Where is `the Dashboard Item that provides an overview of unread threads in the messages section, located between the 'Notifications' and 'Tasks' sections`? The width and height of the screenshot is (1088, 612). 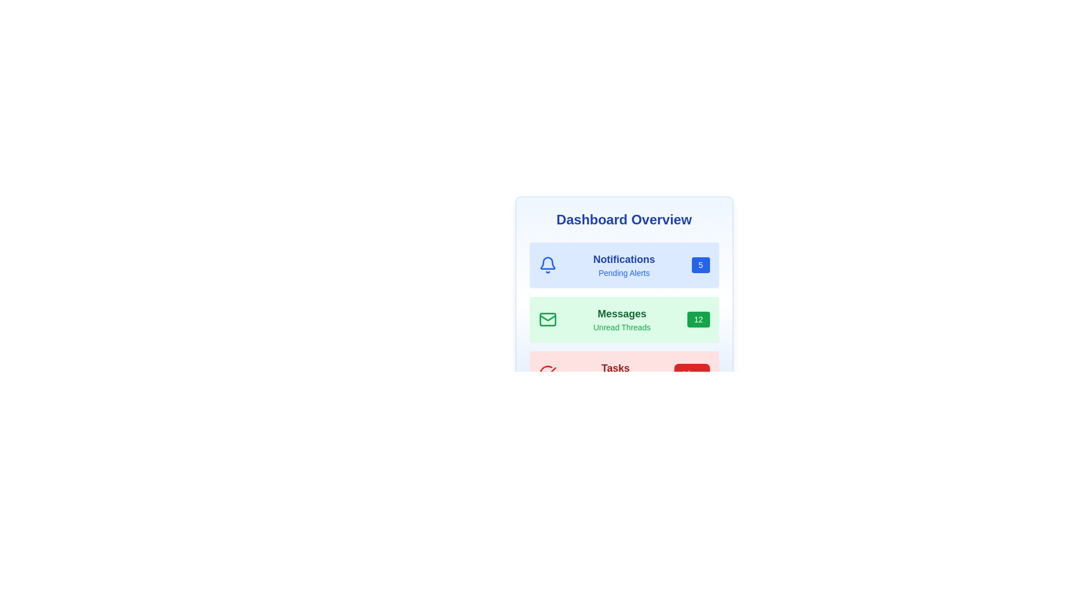
the Dashboard Item that provides an overview of unread threads in the messages section, located between the 'Notifications' and 'Tasks' sections is located at coordinates (623, 319).